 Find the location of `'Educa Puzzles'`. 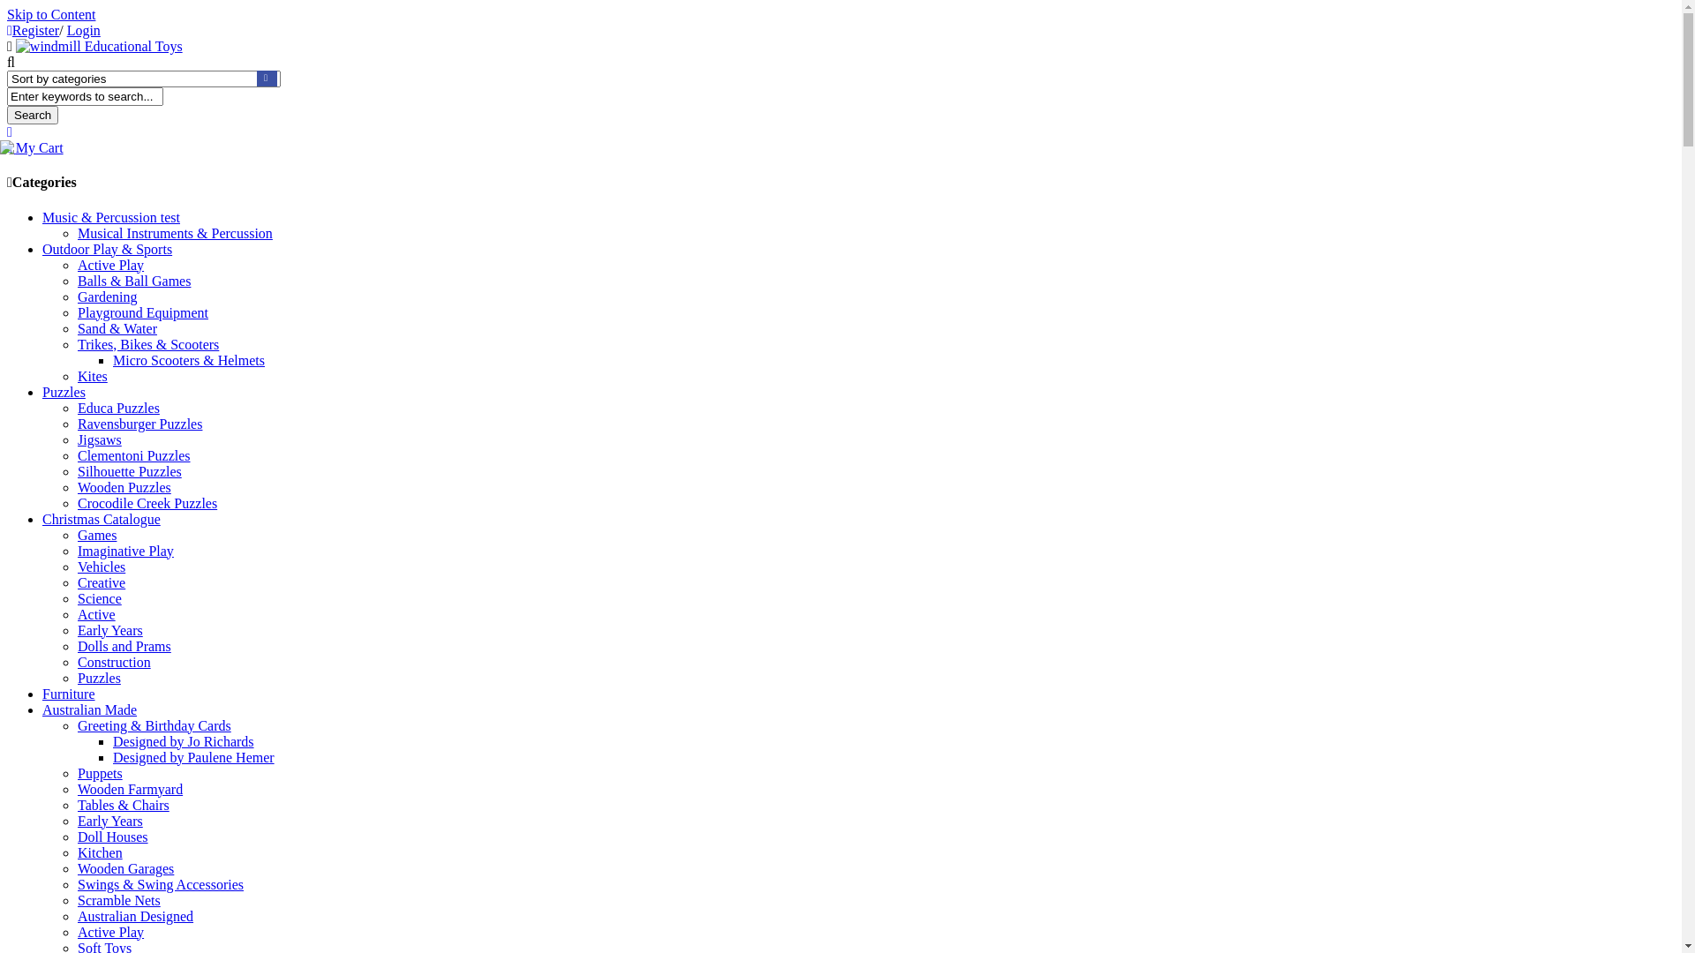

'Educa Puzzles' is located at coordinates (117, 408).